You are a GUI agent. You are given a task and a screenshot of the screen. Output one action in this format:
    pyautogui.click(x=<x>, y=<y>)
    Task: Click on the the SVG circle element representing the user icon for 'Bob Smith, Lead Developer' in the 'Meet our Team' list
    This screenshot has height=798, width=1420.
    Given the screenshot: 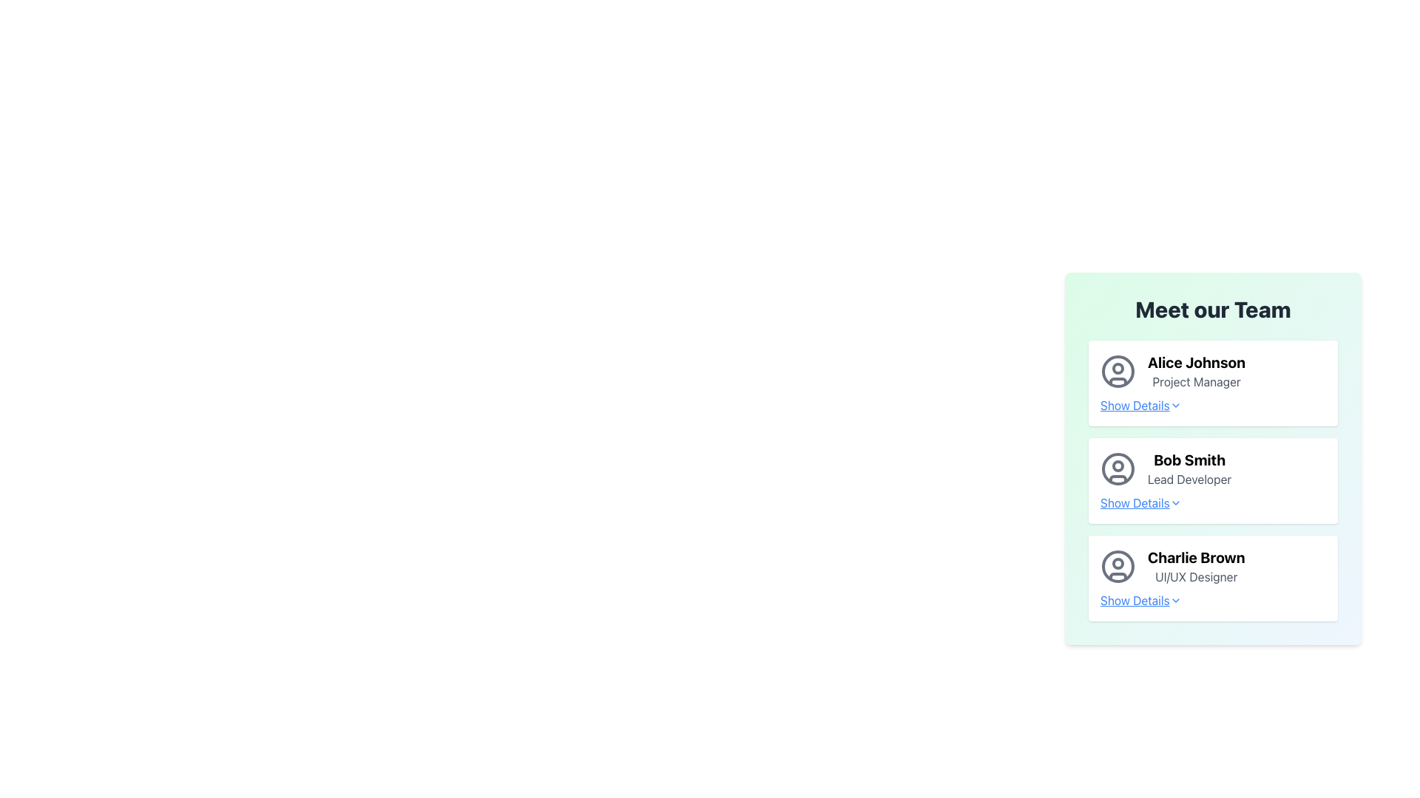 What is the action you would take?
    pyautogui.click(x=1118, y=469)
    